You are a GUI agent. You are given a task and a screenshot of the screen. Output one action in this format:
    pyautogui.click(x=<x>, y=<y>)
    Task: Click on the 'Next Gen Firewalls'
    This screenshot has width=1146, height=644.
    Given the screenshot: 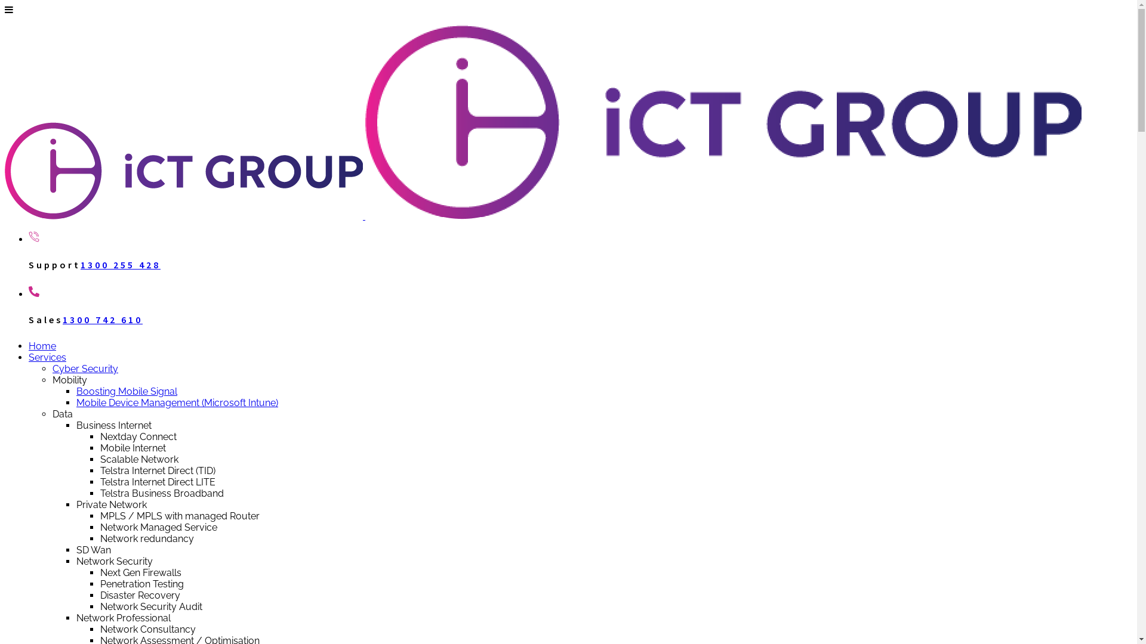 What is the action you would take?
    pyautogui.click(x=100, y=572)
    